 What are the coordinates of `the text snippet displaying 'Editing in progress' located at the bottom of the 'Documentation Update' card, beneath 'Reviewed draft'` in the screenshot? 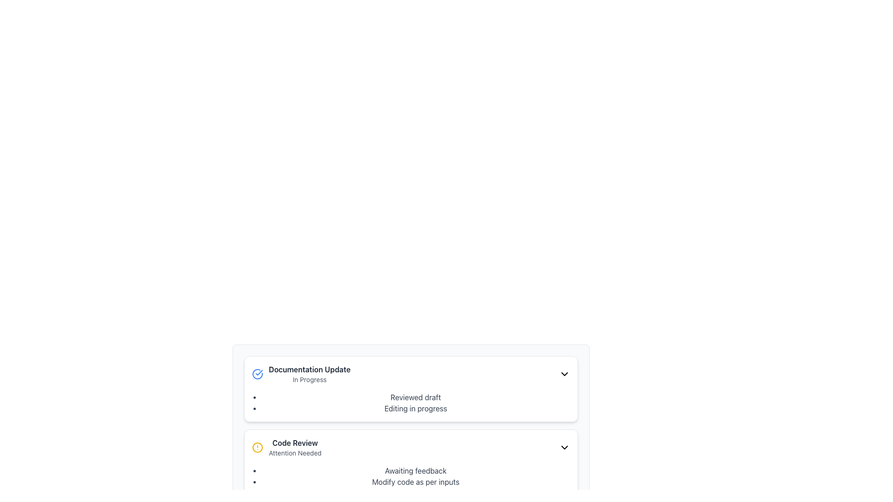 It's located at (442, 411).